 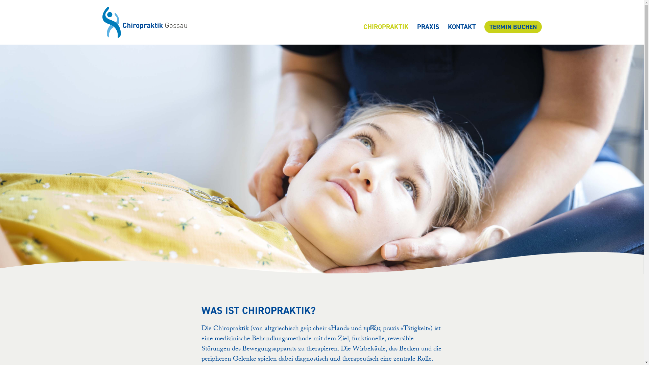 What do you see at coordinates (461, 26) in the screenshot?
I see `'KONTAKT'` at bounding box center [461, 26].